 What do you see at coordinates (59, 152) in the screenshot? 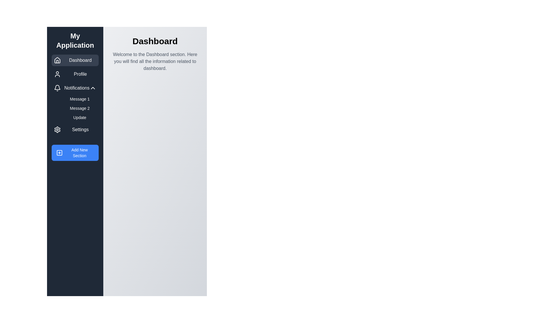
I see `the blue square icon with a white outline and a plus symbol, which is embedded in the 'Add New Section' button located in the lower part of the navigation bar on the left side` at bounding box center [59, 152].